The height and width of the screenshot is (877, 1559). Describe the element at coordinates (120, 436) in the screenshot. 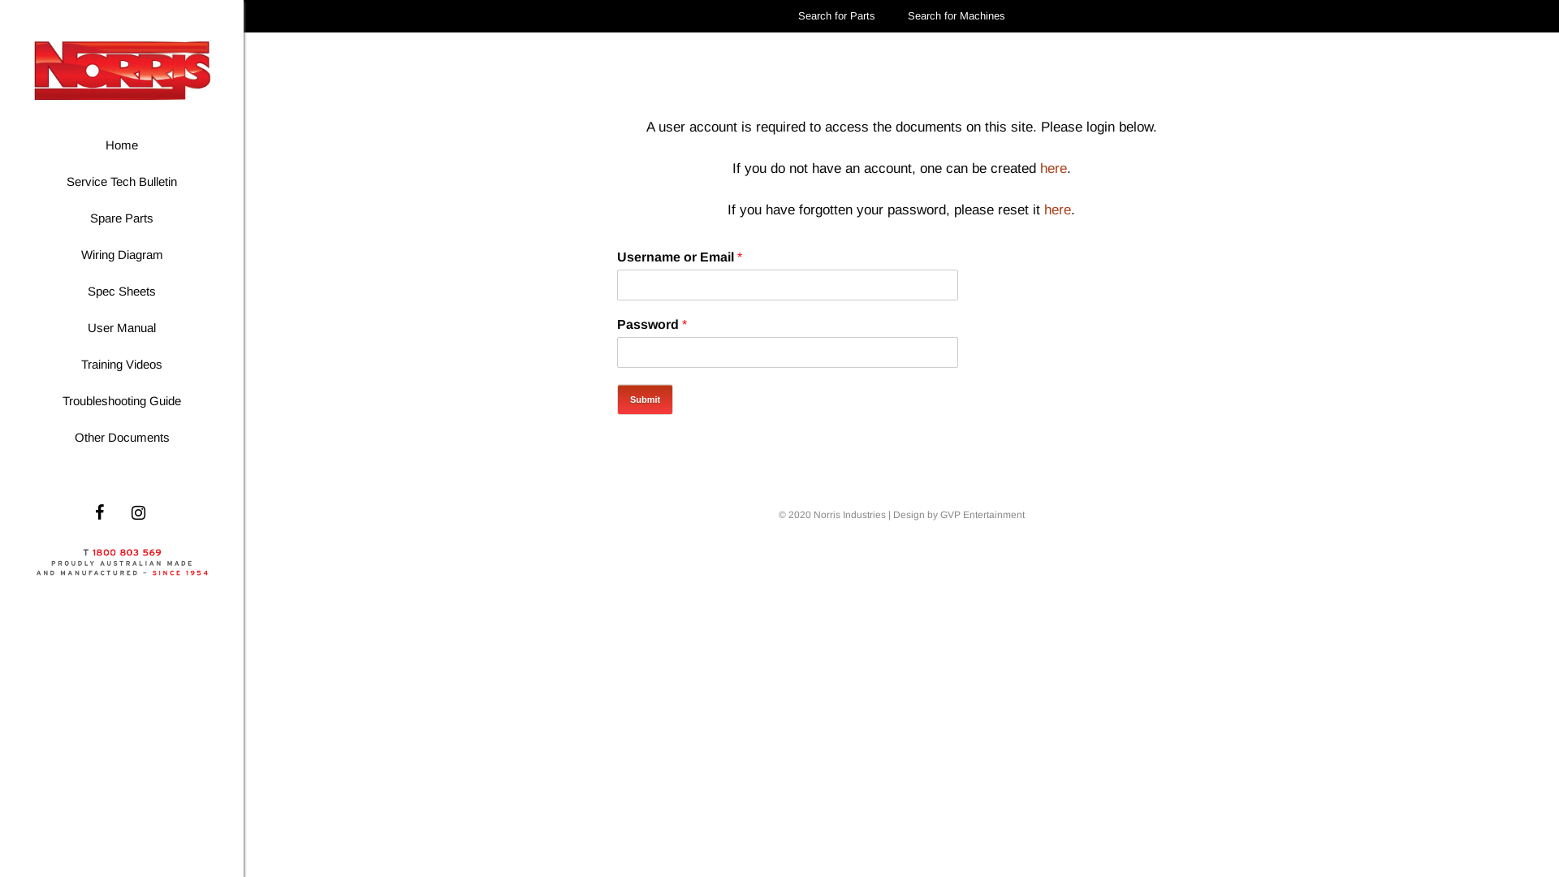

I see `'Other Documents'` at that location.